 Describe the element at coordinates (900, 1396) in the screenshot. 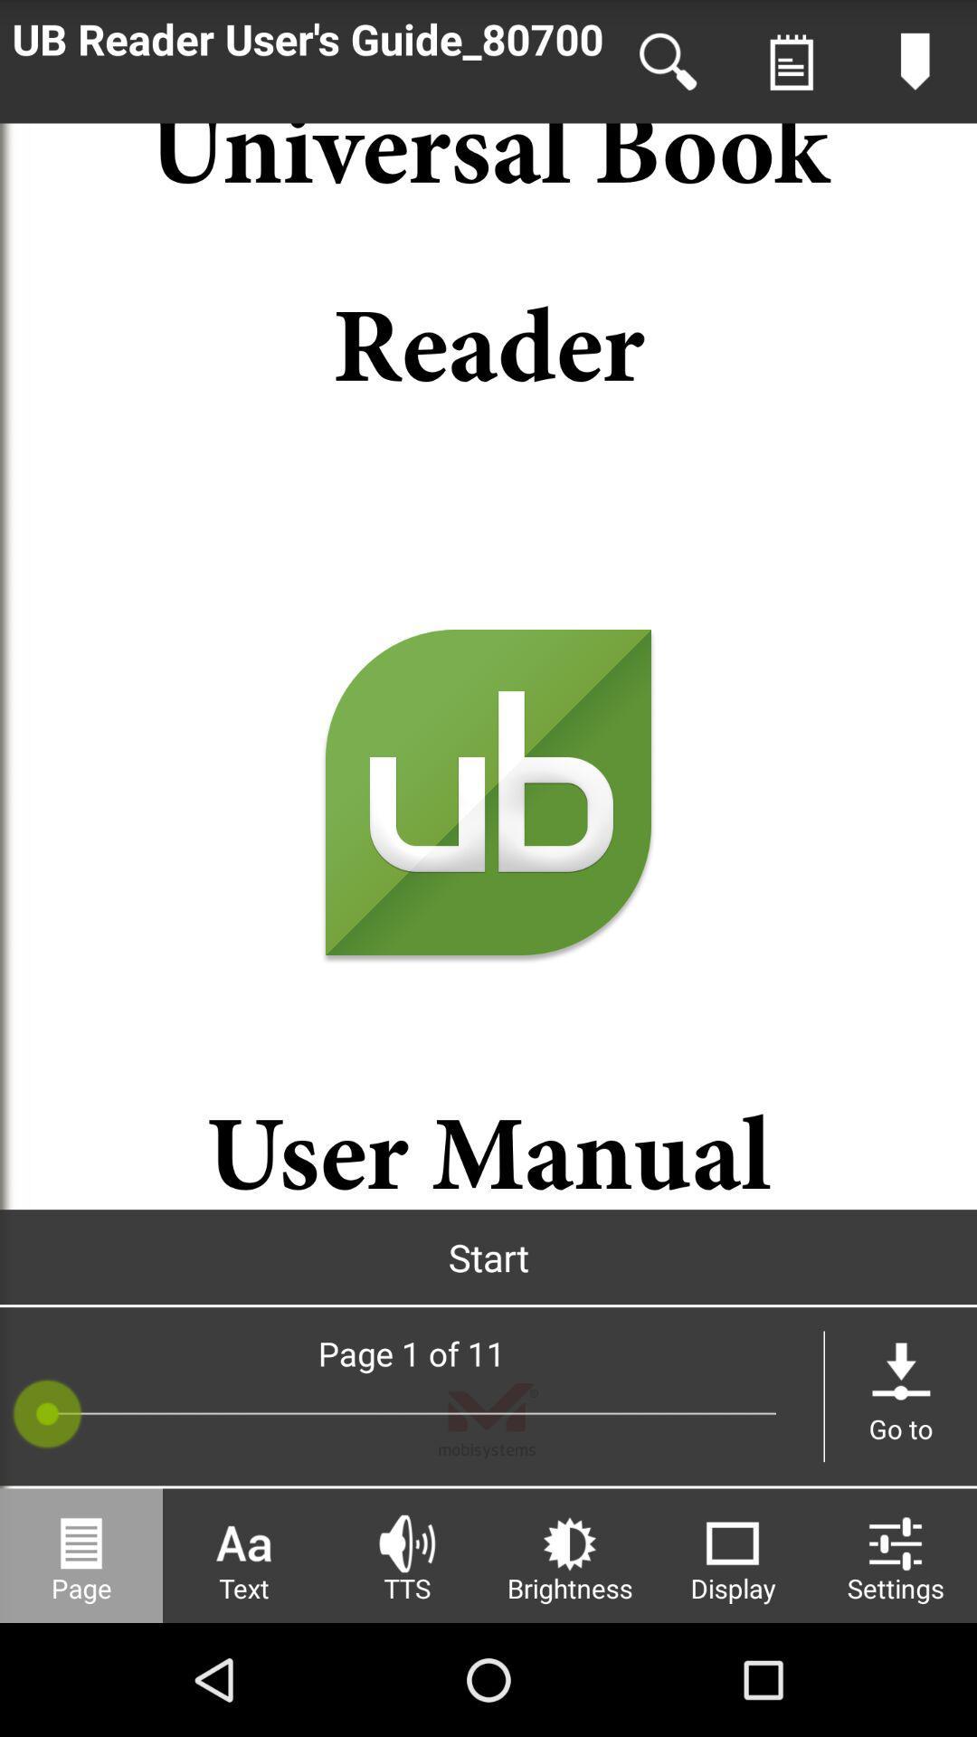

I see `the button above the settings button on the web page` at that location.